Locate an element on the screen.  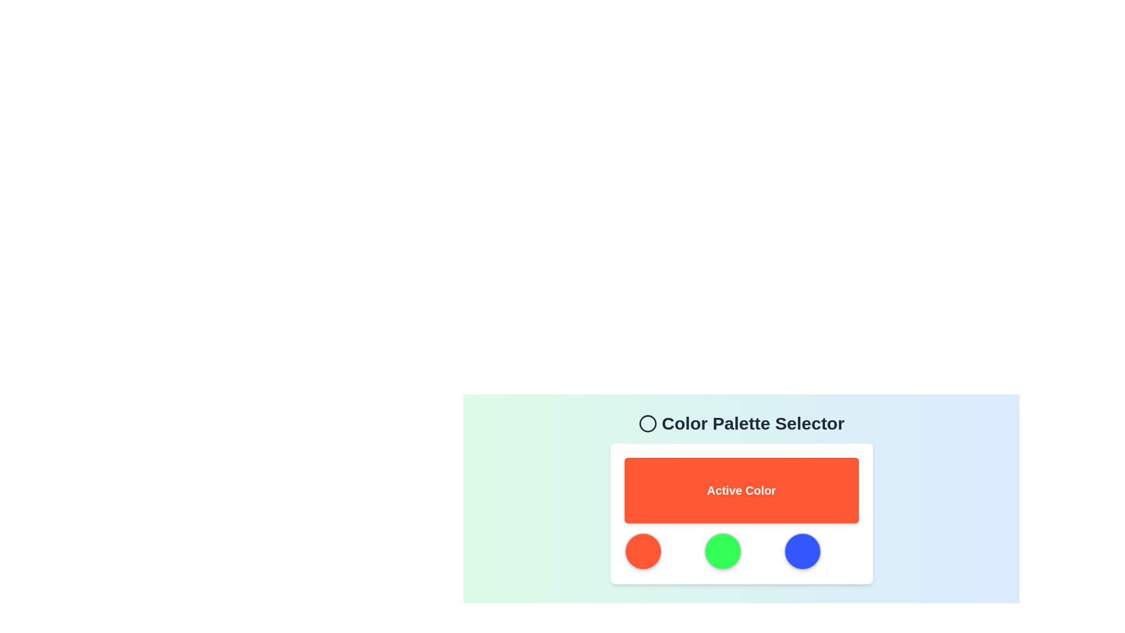
the circle representing the active state of the 'Color Palette Selector' interface, located above the text 'Color Palette Selector' is located at coordinates (647, 423).